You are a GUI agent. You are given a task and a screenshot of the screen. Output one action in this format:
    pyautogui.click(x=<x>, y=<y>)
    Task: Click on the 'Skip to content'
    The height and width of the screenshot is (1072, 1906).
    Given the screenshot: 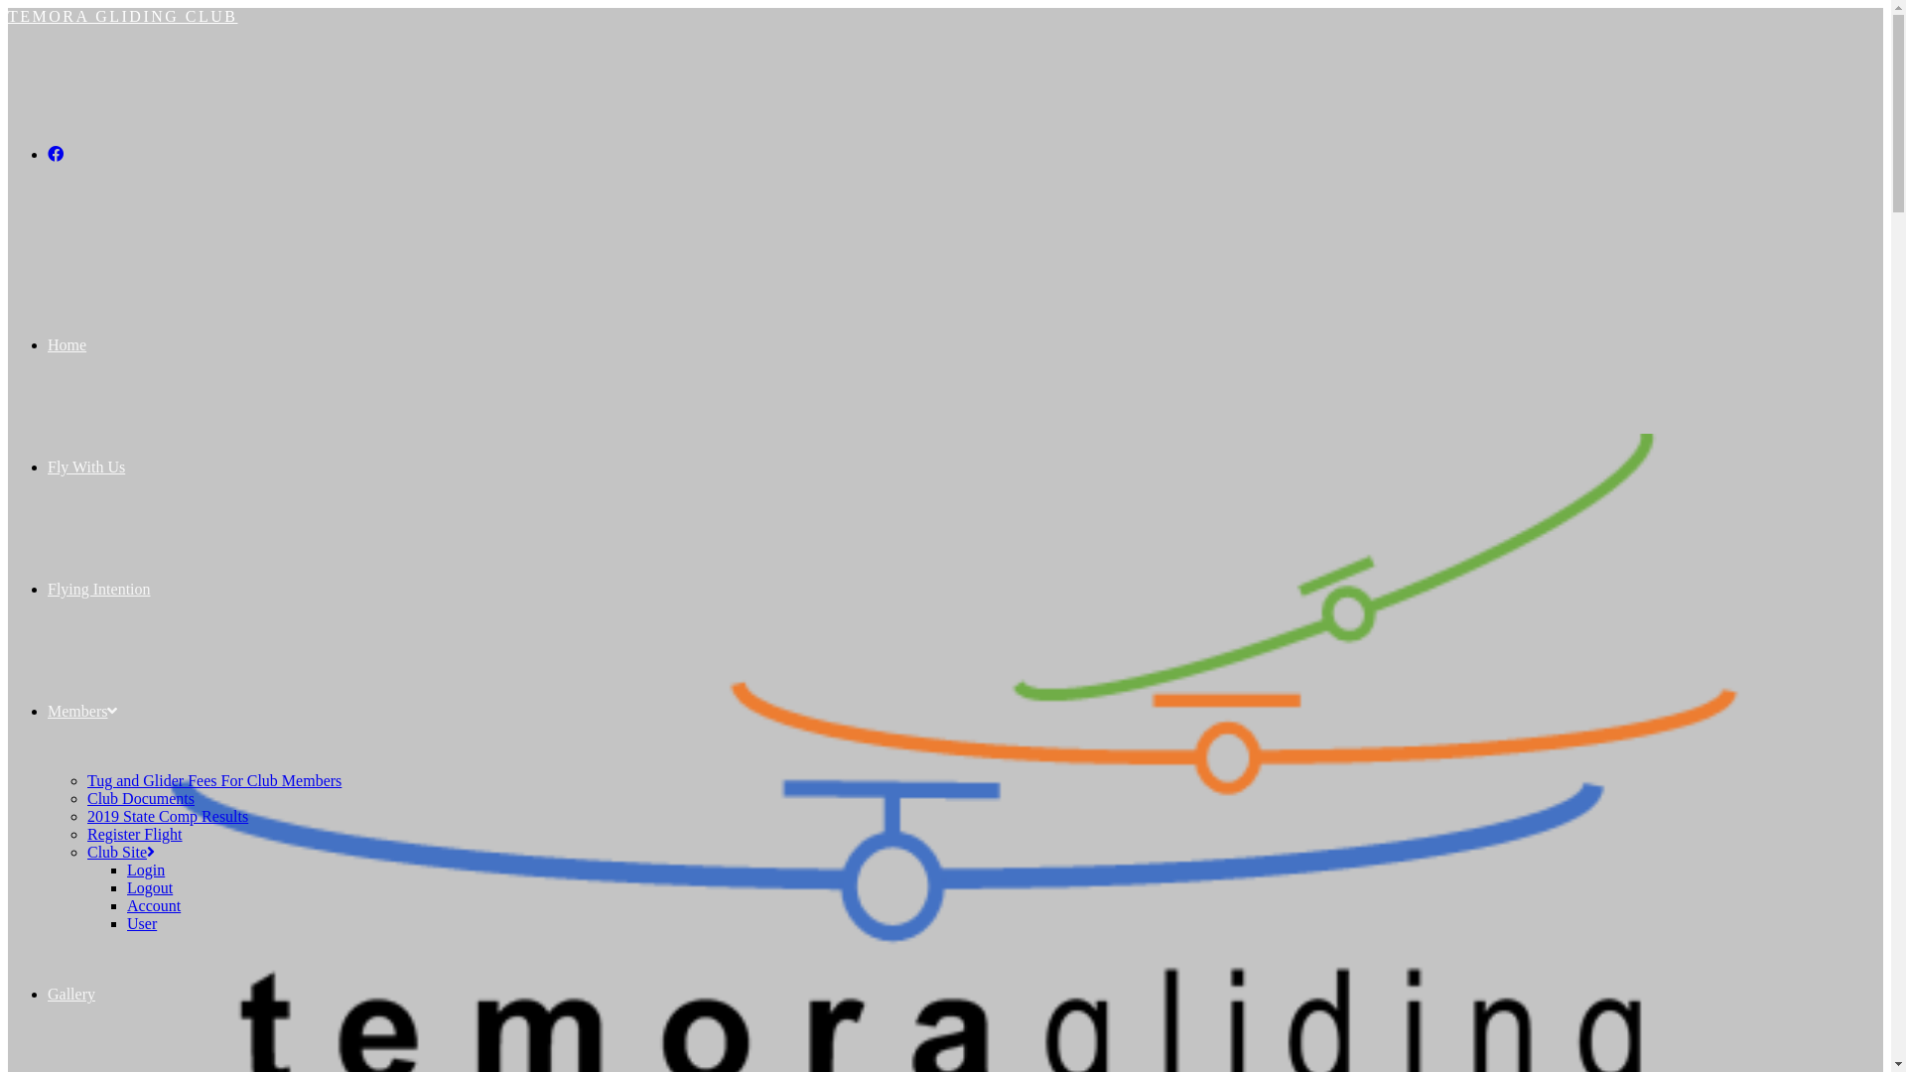 What is the action you would take?
    pyautogui.click(x=7, y=7)
    